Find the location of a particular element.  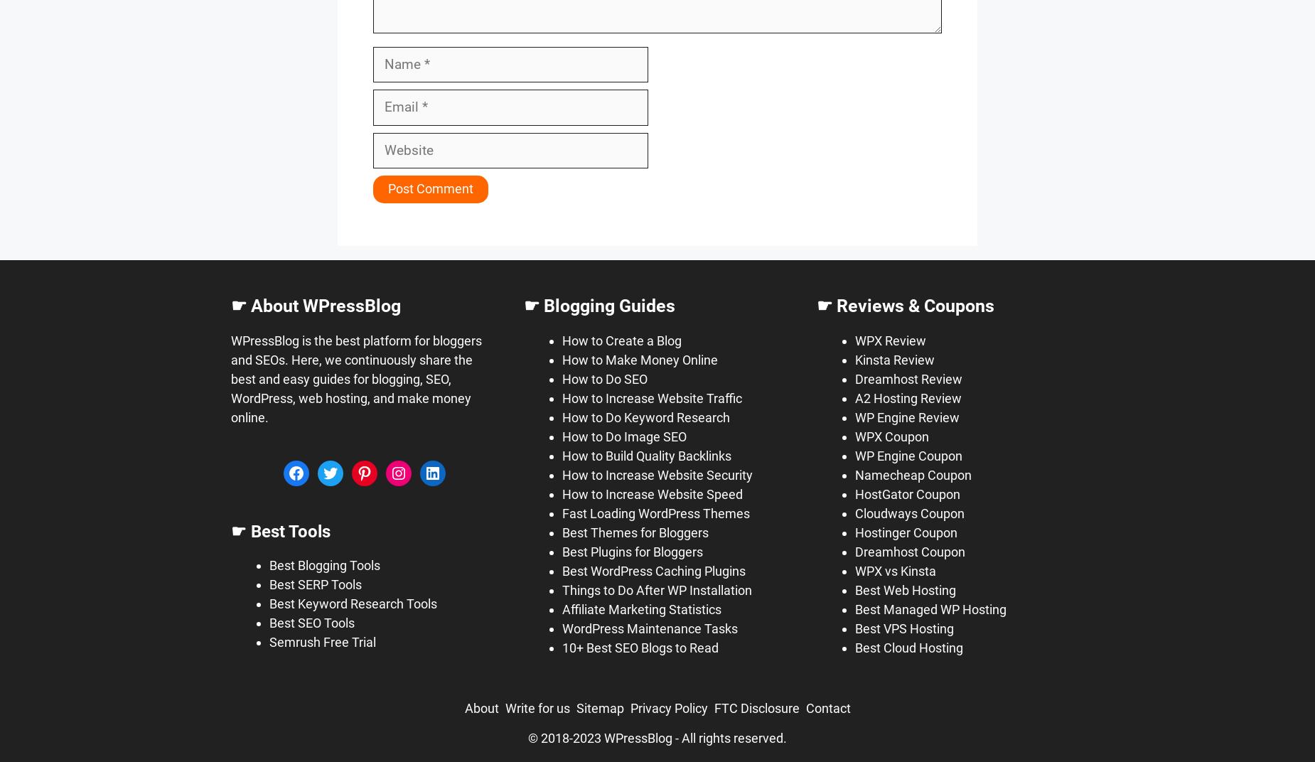

'10+ Best SEO Blogs to Read' is located at coordinates (640, 647).